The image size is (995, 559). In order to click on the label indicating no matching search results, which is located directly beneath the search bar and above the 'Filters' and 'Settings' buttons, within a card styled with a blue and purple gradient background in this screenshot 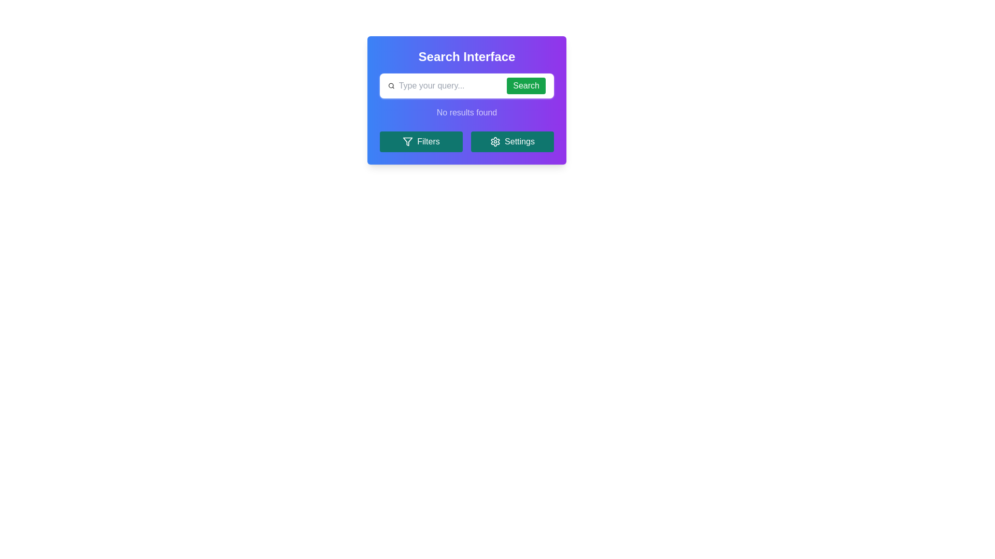, I will do `click(466, 113)`.